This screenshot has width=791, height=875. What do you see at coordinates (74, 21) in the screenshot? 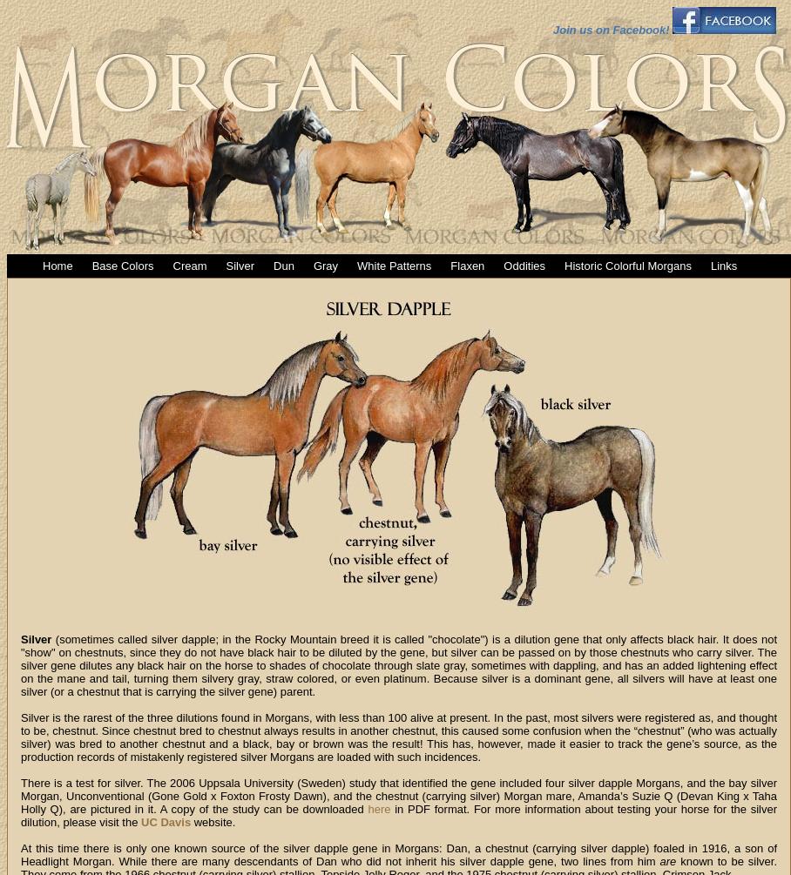
I see `'Loading Image...'` at bounding box center [74, 21].